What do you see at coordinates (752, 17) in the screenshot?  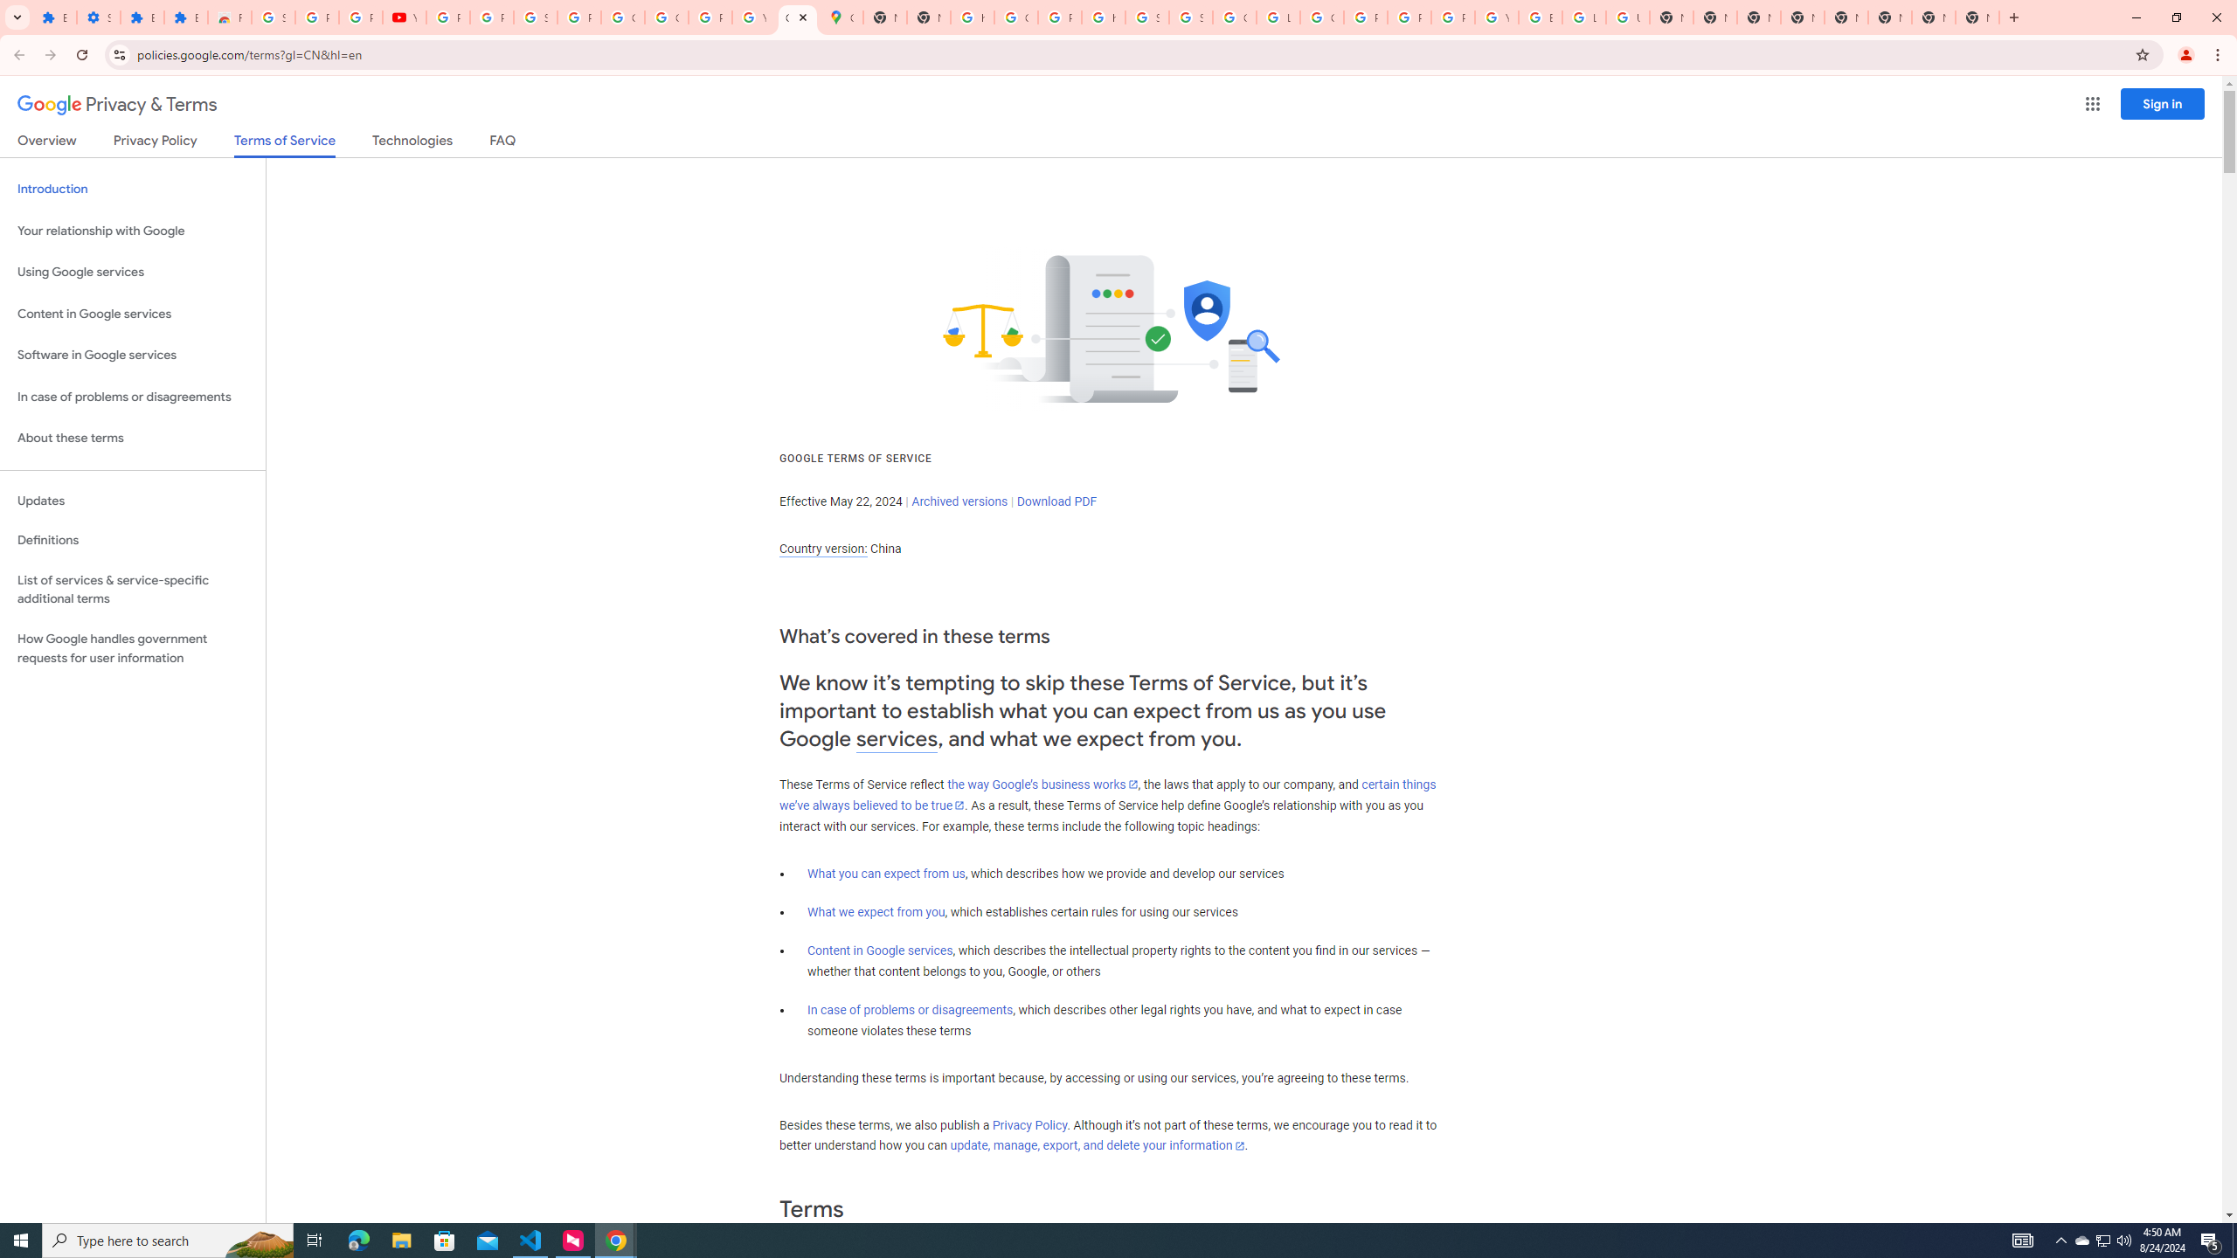 I see `'YouTube'` at bounding box center [752, 17].